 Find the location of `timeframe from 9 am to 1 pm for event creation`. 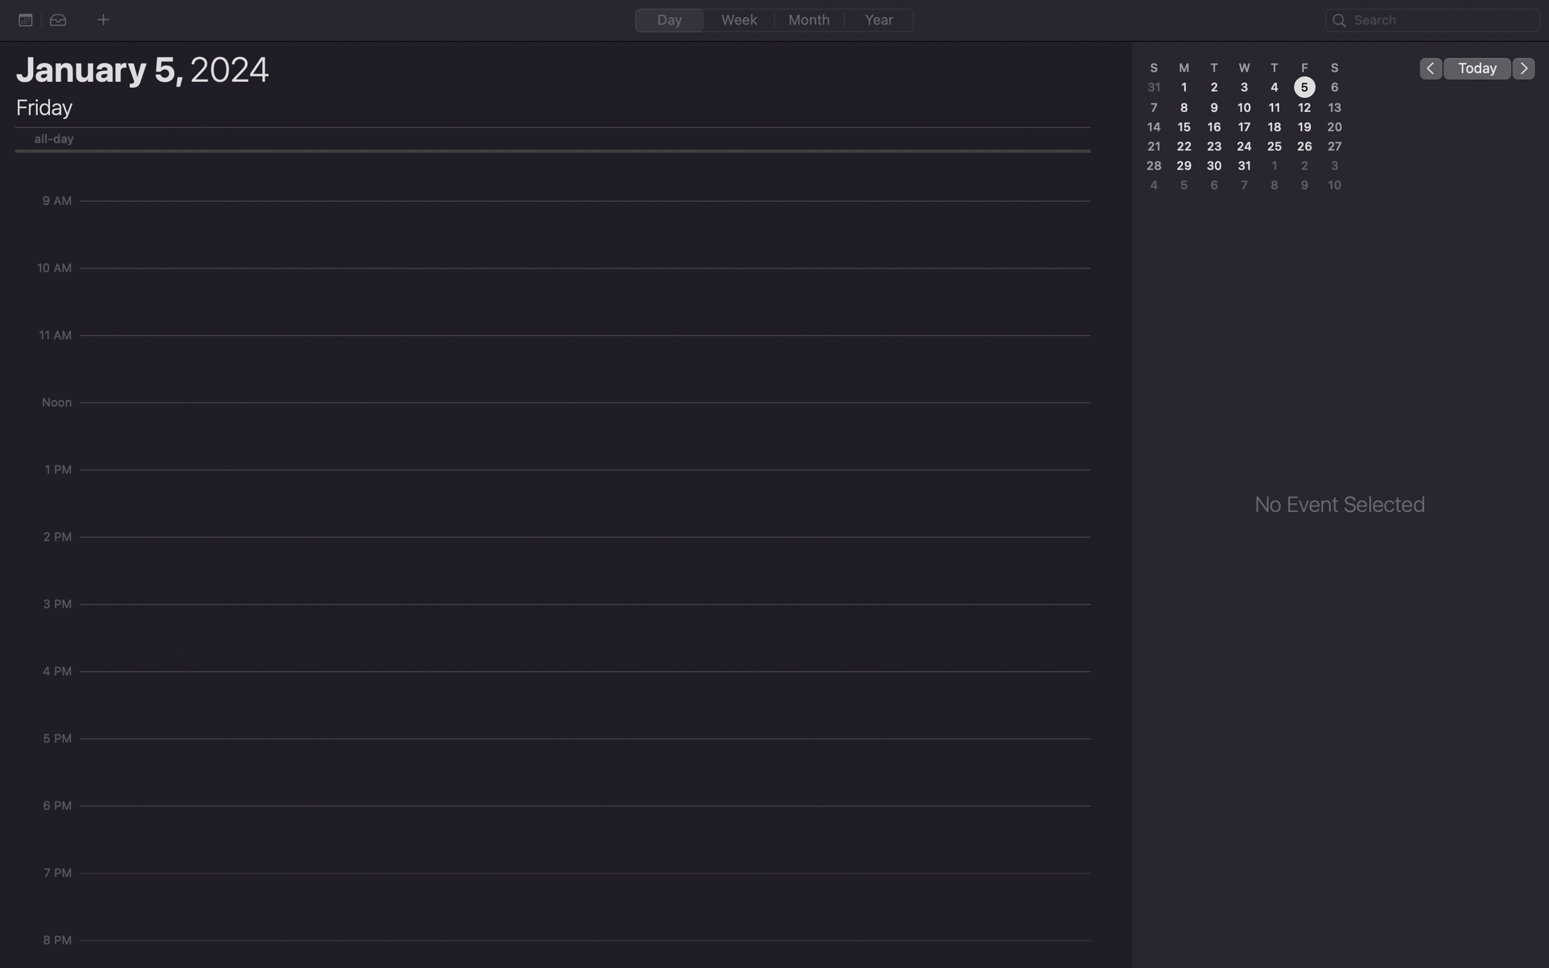

timeframe from 9 am to 1 pm for event creation is located at coordinates (589, 207).